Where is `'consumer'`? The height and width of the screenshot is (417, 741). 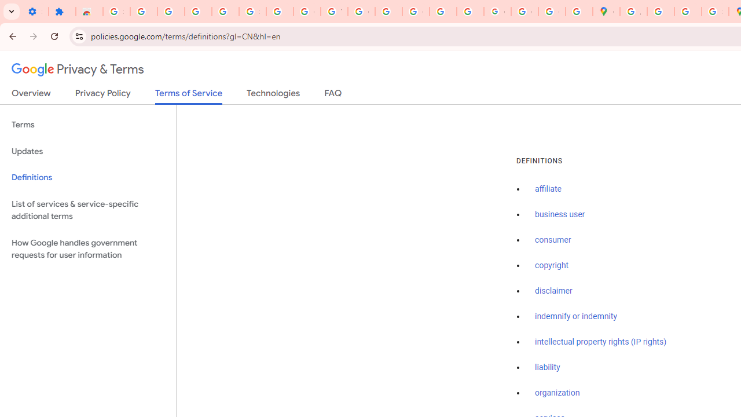
'consumer' is located at coordinates (552, 240).